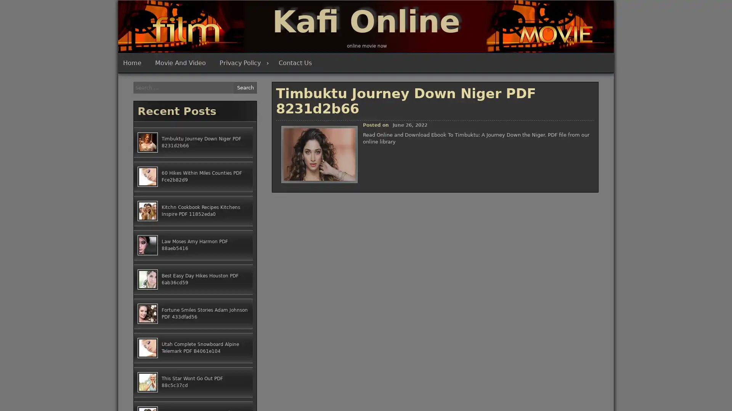  I want to click on Search, so click(245, 87).